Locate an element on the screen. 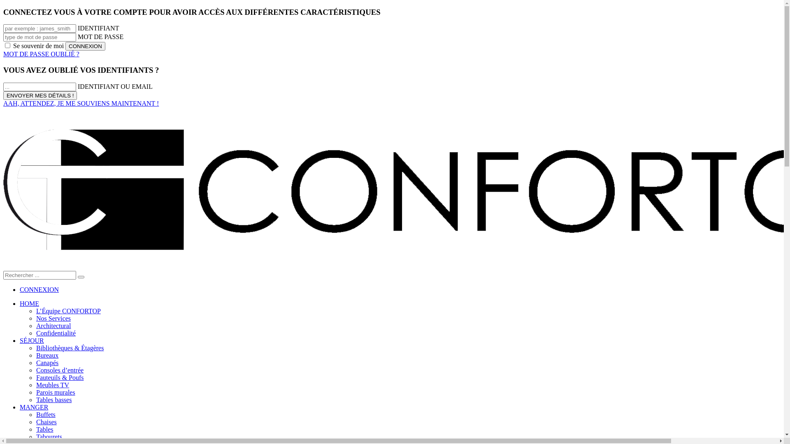 Image resolution: width=790 pixels, height=444 pixels. 'Fauteuils & Poufs' is located at coordinates (59, 377).